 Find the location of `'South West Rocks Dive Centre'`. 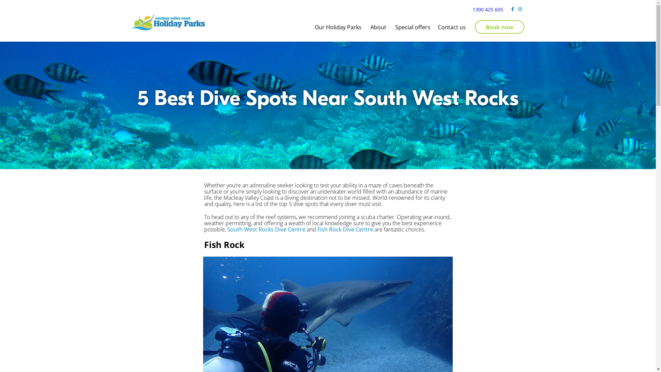

'South West Rocks Dive Centre' is located at coordinates (266, 229).